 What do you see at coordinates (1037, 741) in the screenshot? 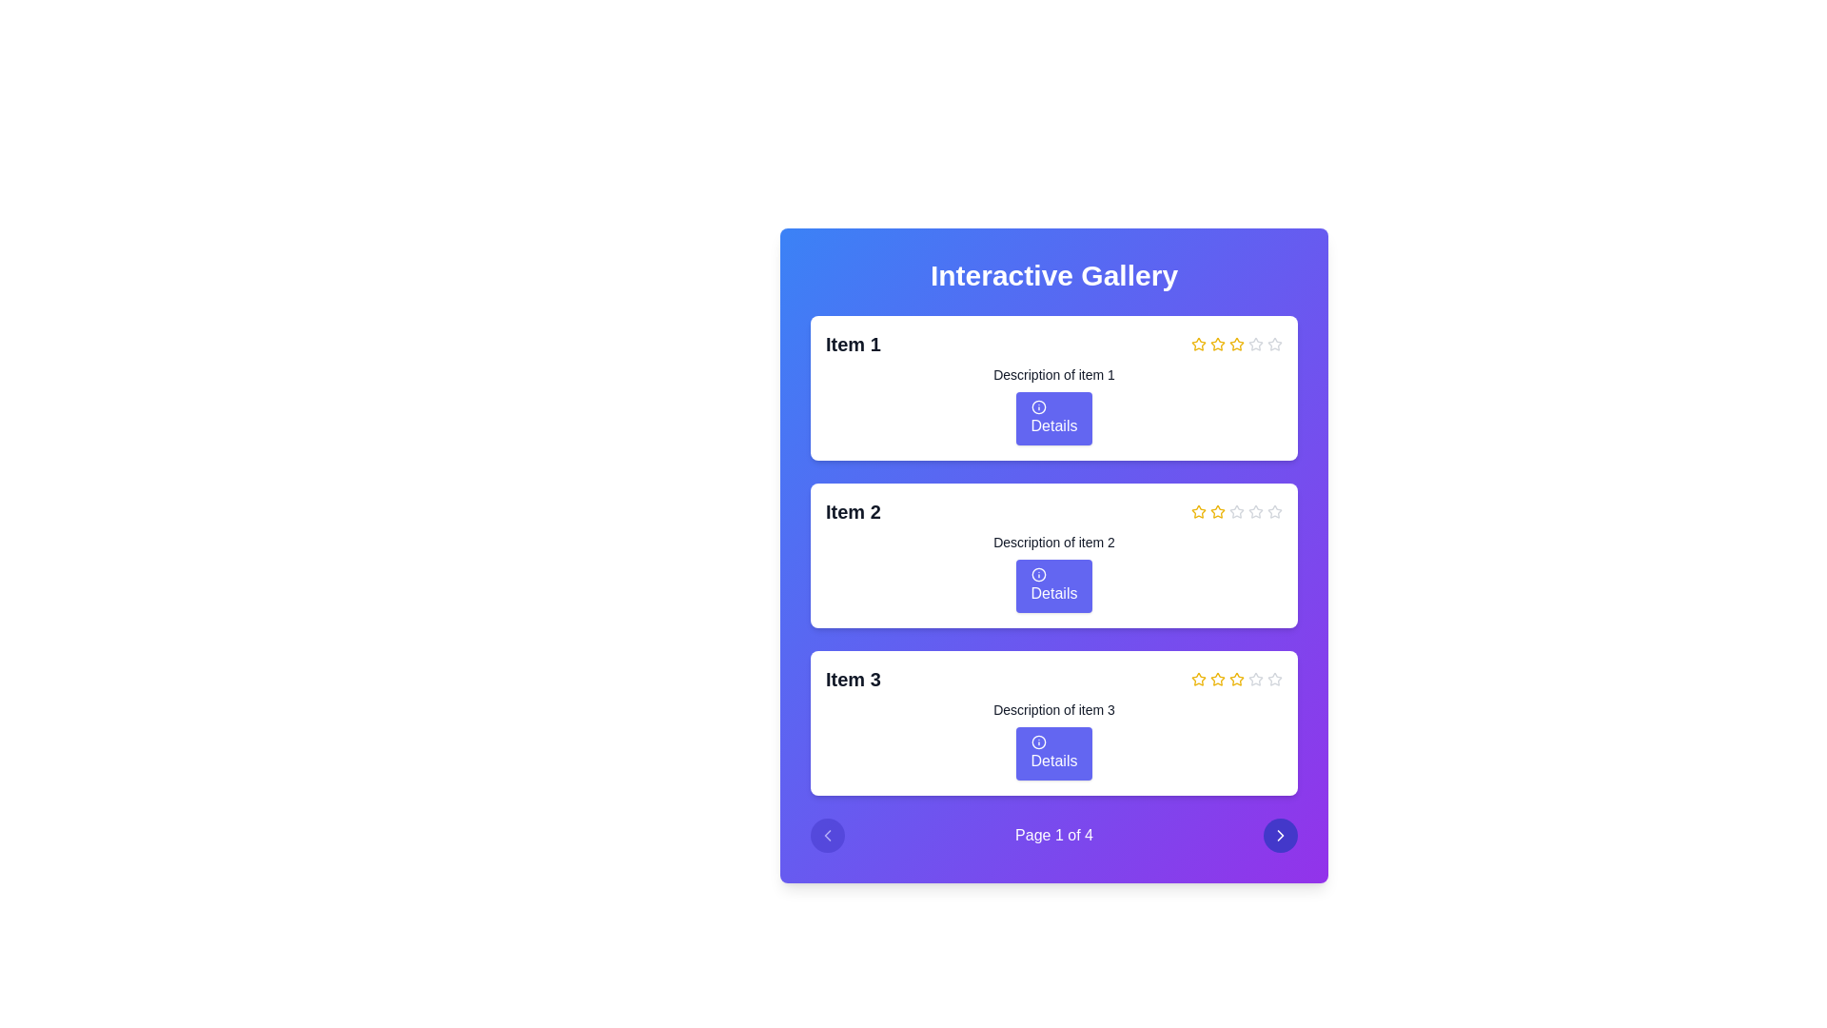
I see `the decorative icon inside the 'Details' button of the third item in the list, which serves as a visual cue for users to click` at bounding box center [1037, 741].